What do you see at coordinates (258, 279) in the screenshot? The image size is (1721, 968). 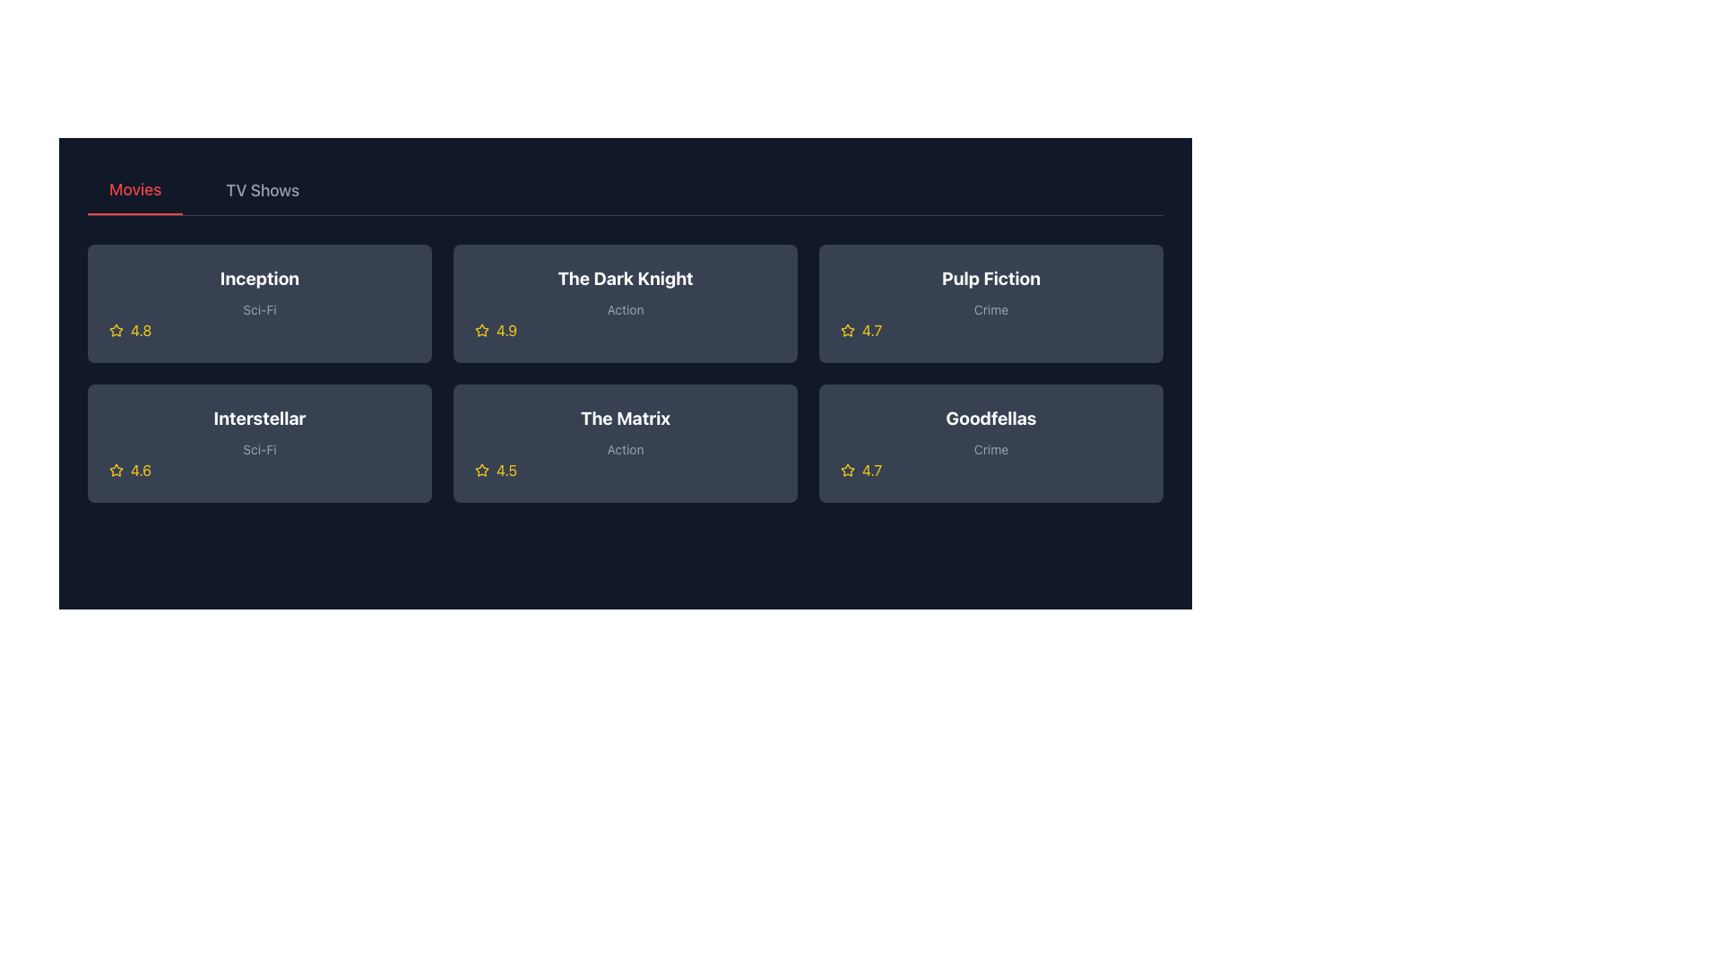 I see `the text content of the title for the movie card labeled 'Inception', located at the top of the first card in the first row` at bounding box center [258, 279].